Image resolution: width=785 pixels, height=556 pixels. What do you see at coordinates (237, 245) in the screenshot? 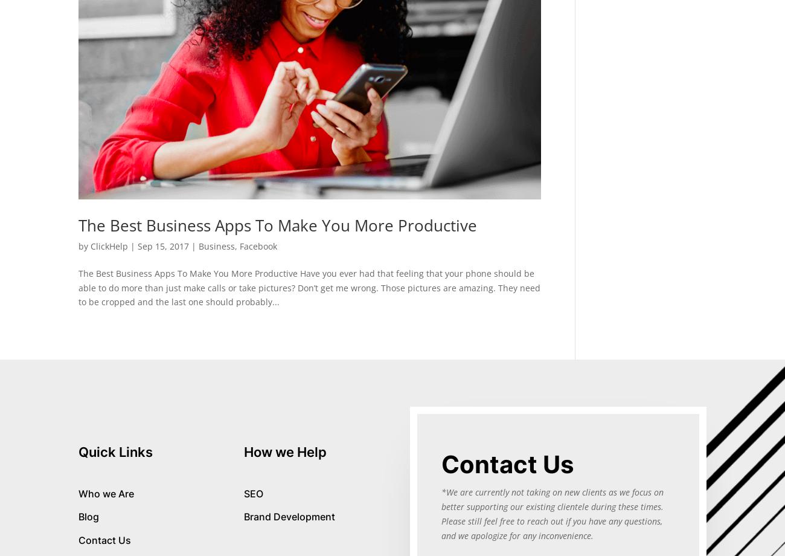
I see `','` at bounding box center [237, 245].